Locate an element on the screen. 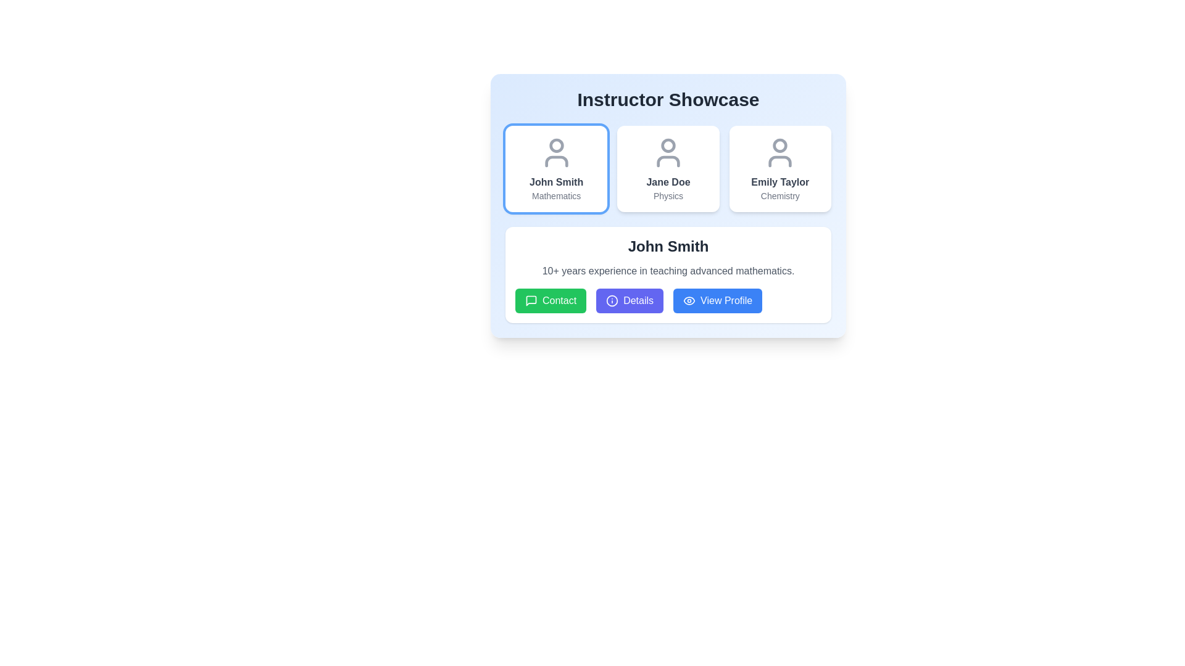 The height and width of the screenshot is (666, 1185). the profile card for Emily Taylor, which is the third card in the grid layout is located at coordinates (779, 168).